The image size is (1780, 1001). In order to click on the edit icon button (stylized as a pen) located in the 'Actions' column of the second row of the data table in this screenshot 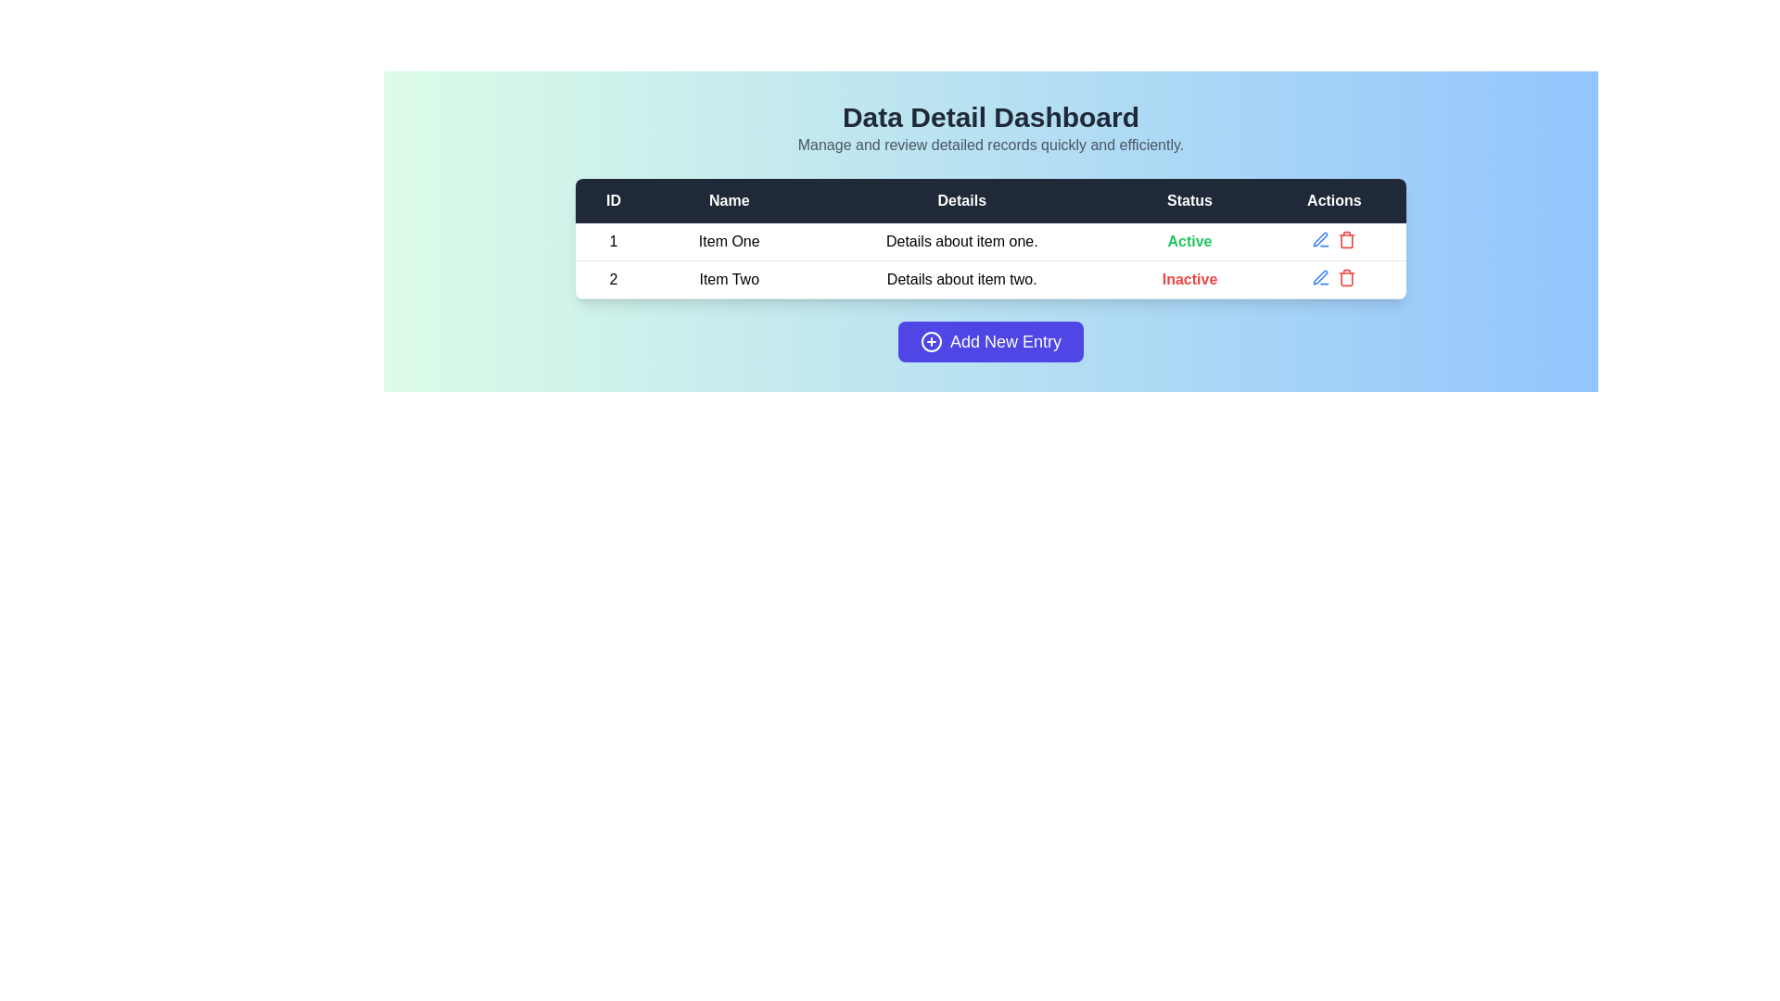, I will do `click(1320, 238)`.